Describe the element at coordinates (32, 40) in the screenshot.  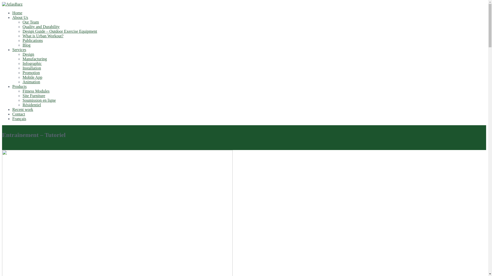
I see `'Publications'` at that location.